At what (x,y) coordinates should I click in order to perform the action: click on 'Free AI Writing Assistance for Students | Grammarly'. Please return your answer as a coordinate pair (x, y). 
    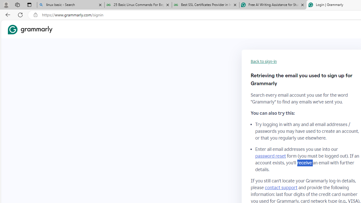
    Looking at the image, I should click on (273, 5).